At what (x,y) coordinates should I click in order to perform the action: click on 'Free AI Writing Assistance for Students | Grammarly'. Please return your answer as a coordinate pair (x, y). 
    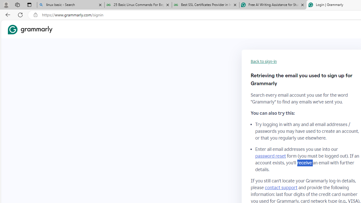
    Looking at the image, I should click on (273, 5).